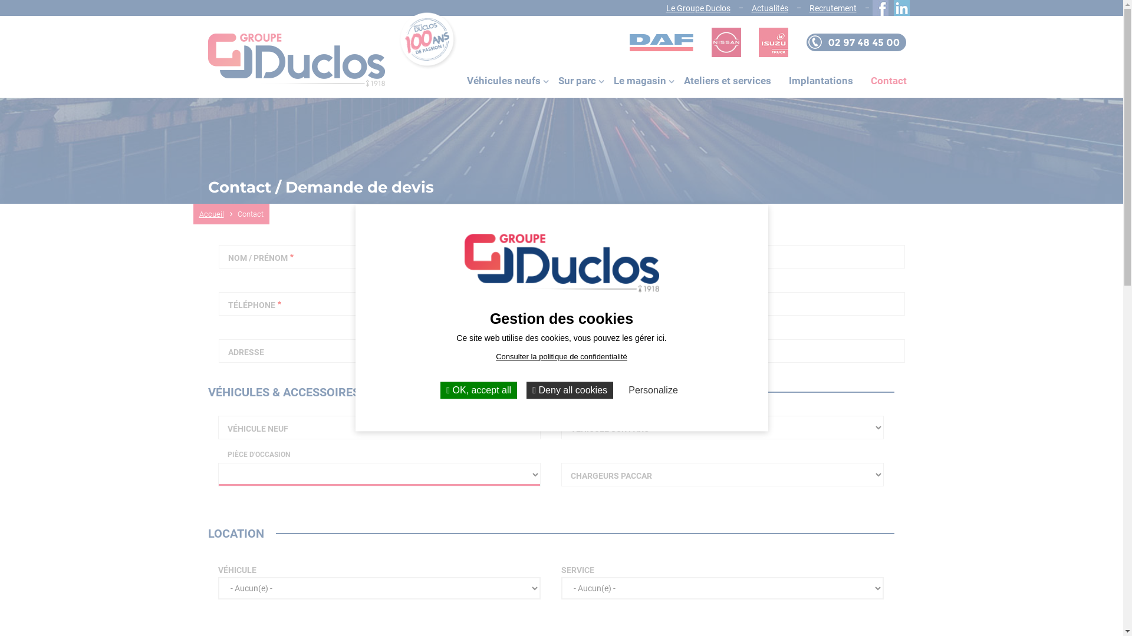 This screenshot has height=636, width=1132. I want to click on 'Accueil', so click(218, 214).